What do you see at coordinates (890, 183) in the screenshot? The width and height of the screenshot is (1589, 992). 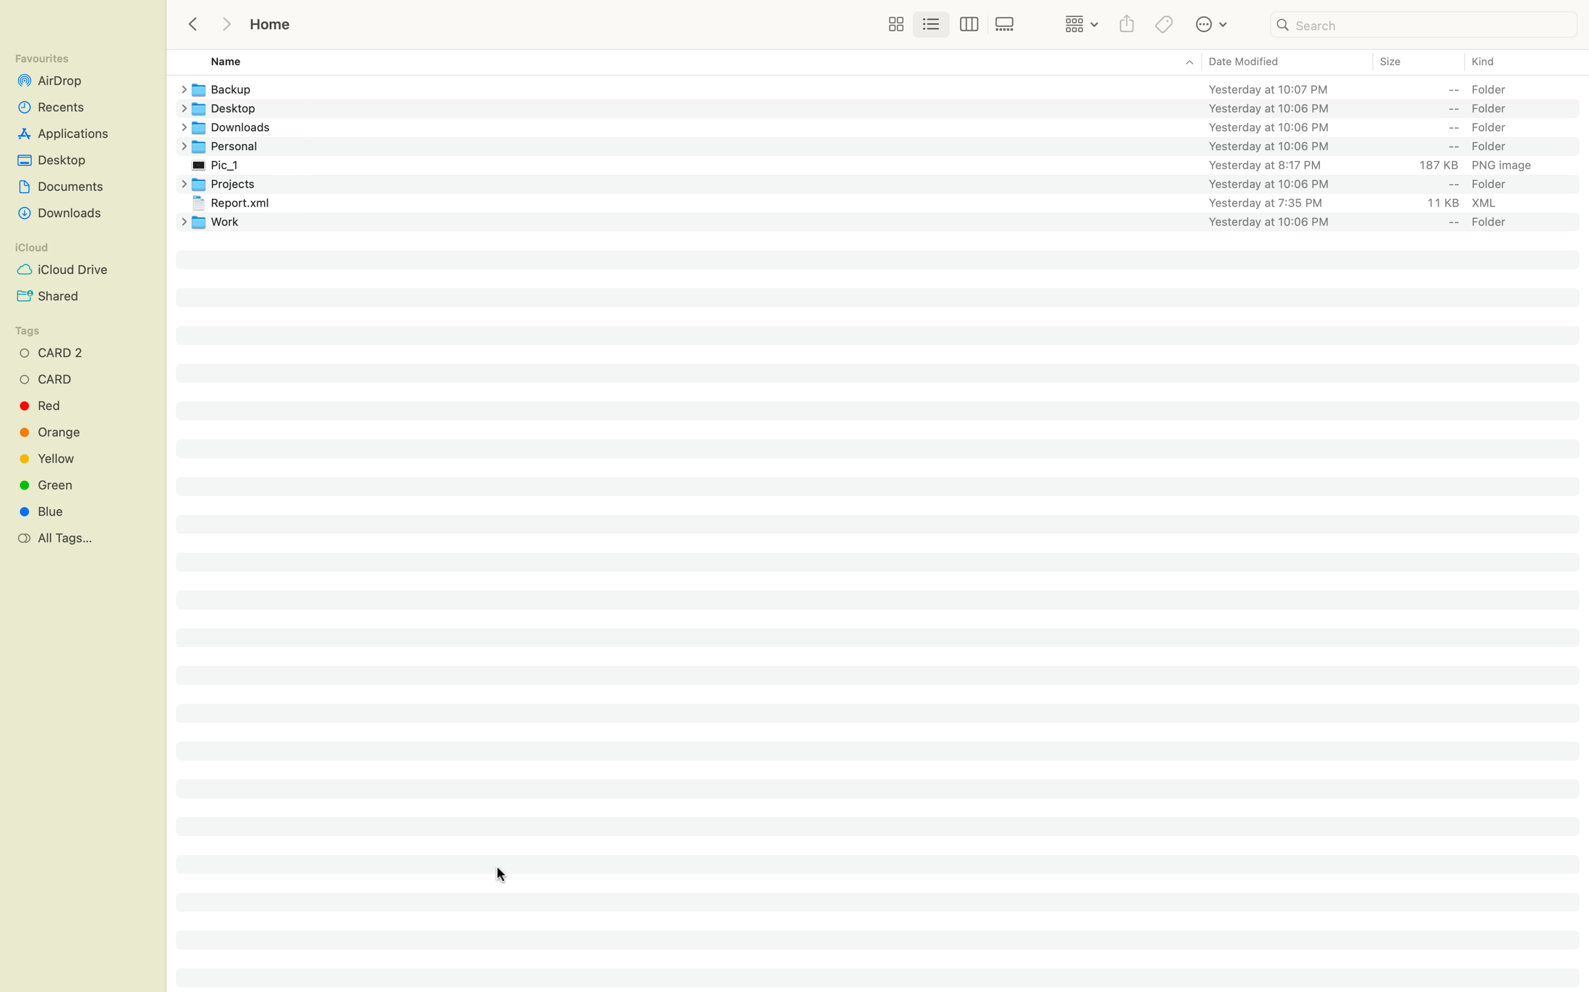 I see `the "Projects" folder title to "My Projects"` at bounding box center [890, 183].